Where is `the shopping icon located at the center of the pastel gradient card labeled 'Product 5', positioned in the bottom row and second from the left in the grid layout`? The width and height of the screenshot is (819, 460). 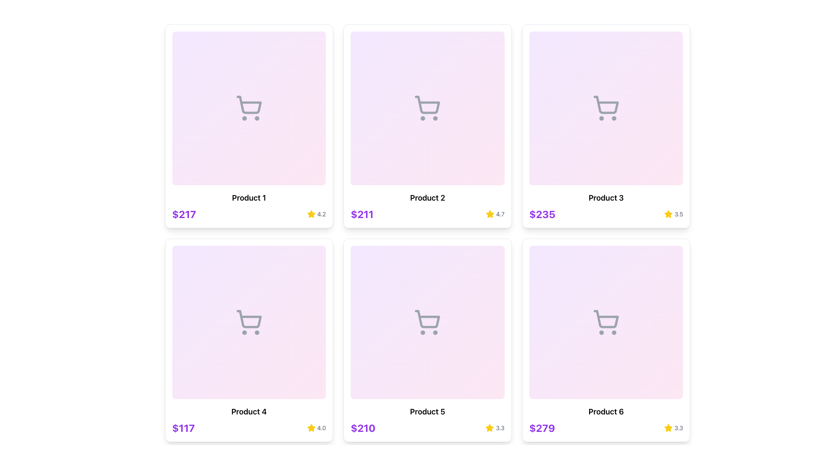
the shopping icon located at the center of the pastel gradient card labeled 'Product 5', positioned in the bottom row and second from the left in the grid layout is located at coordinates (427, 322).